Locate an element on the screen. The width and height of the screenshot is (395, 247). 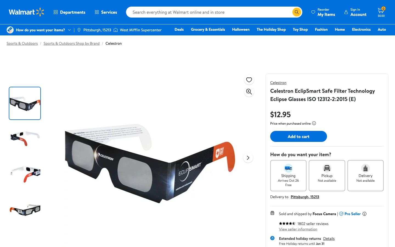
the return guidelines for the current merchandise is located at coordinates (329, 238).